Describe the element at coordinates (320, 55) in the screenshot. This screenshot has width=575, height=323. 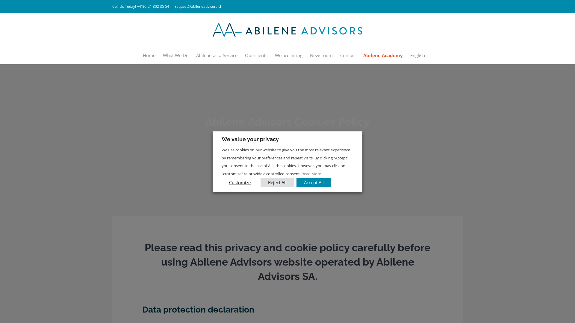
I see `'Newsroom'` at that location.